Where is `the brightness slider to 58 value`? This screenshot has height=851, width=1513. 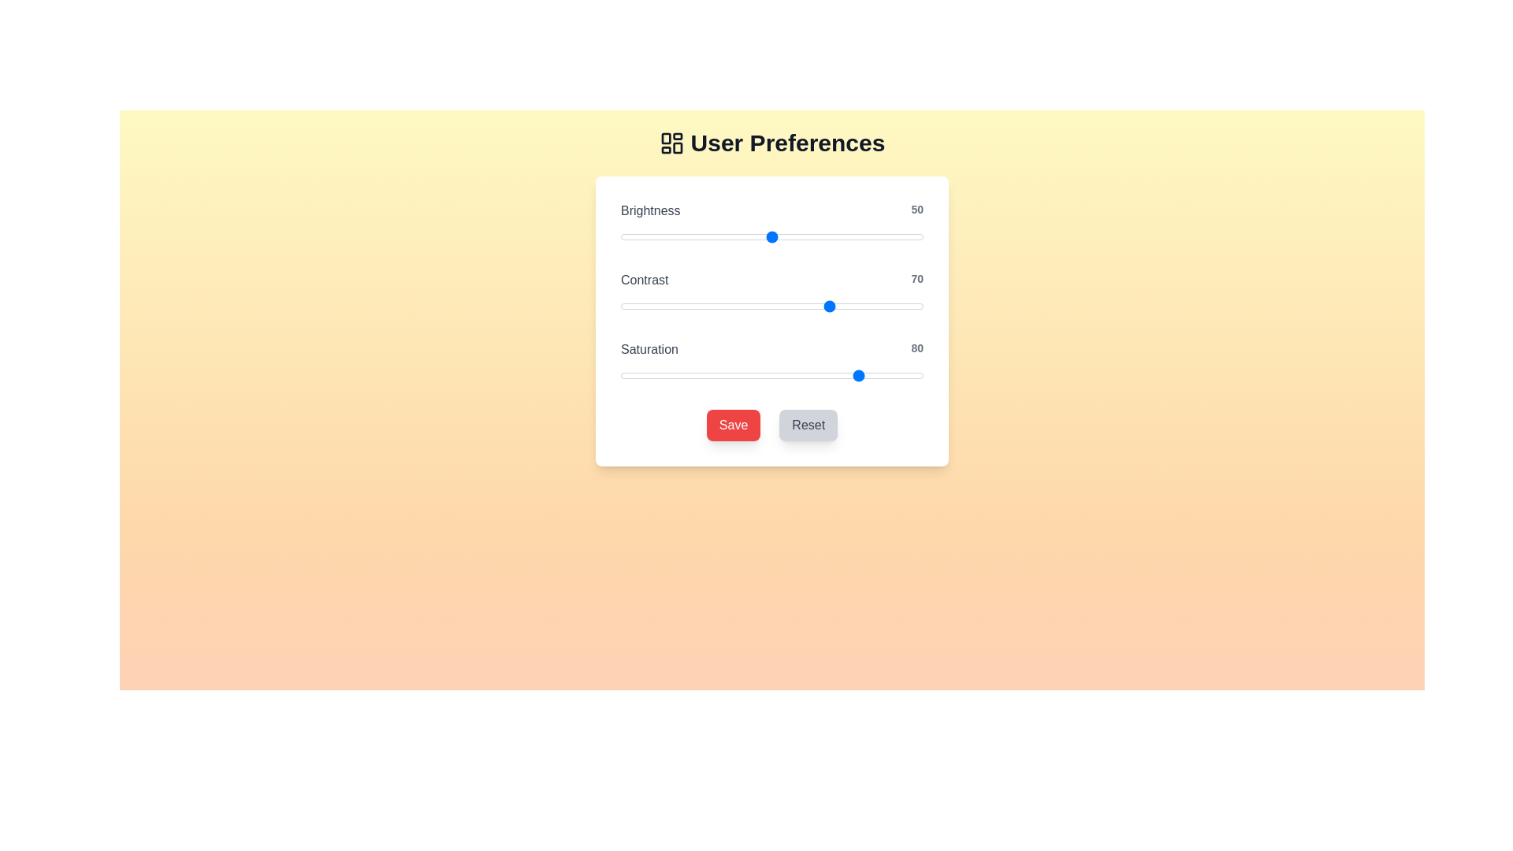
the brightness slider to 58 value is located at coordinates (796, 236).